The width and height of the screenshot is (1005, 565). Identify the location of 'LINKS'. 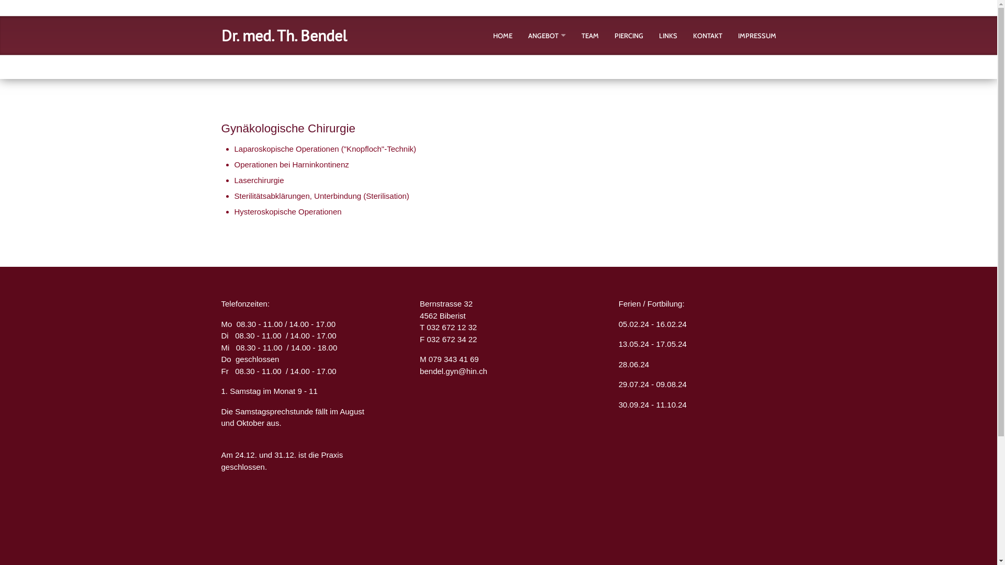
(667, 35).